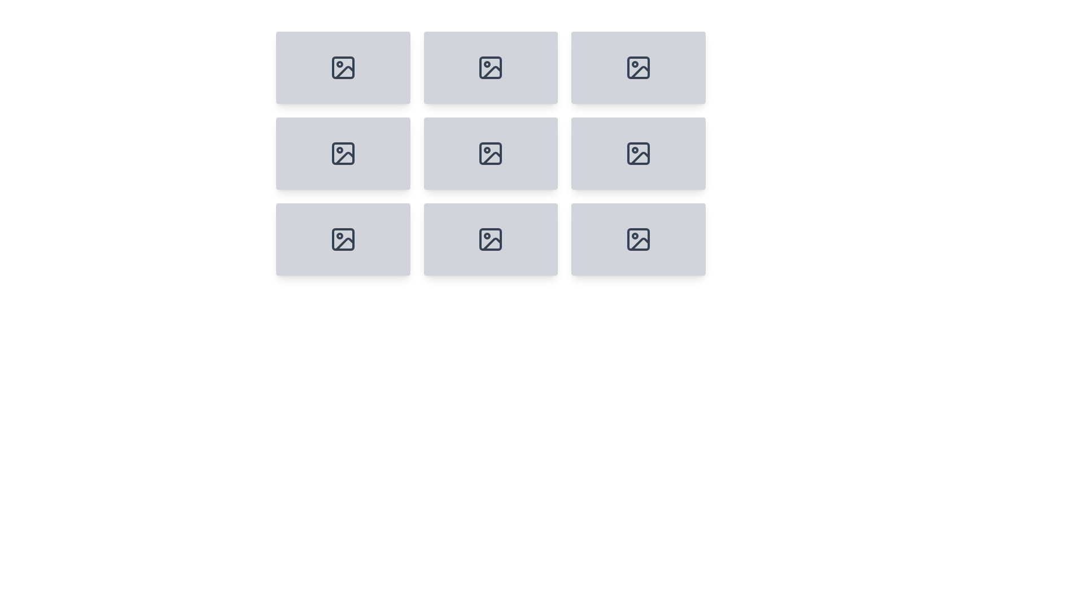  I want to click on the image placeholder icon, which is the second icon in the second row of a three-by-three grid layout, so click(342, 154).